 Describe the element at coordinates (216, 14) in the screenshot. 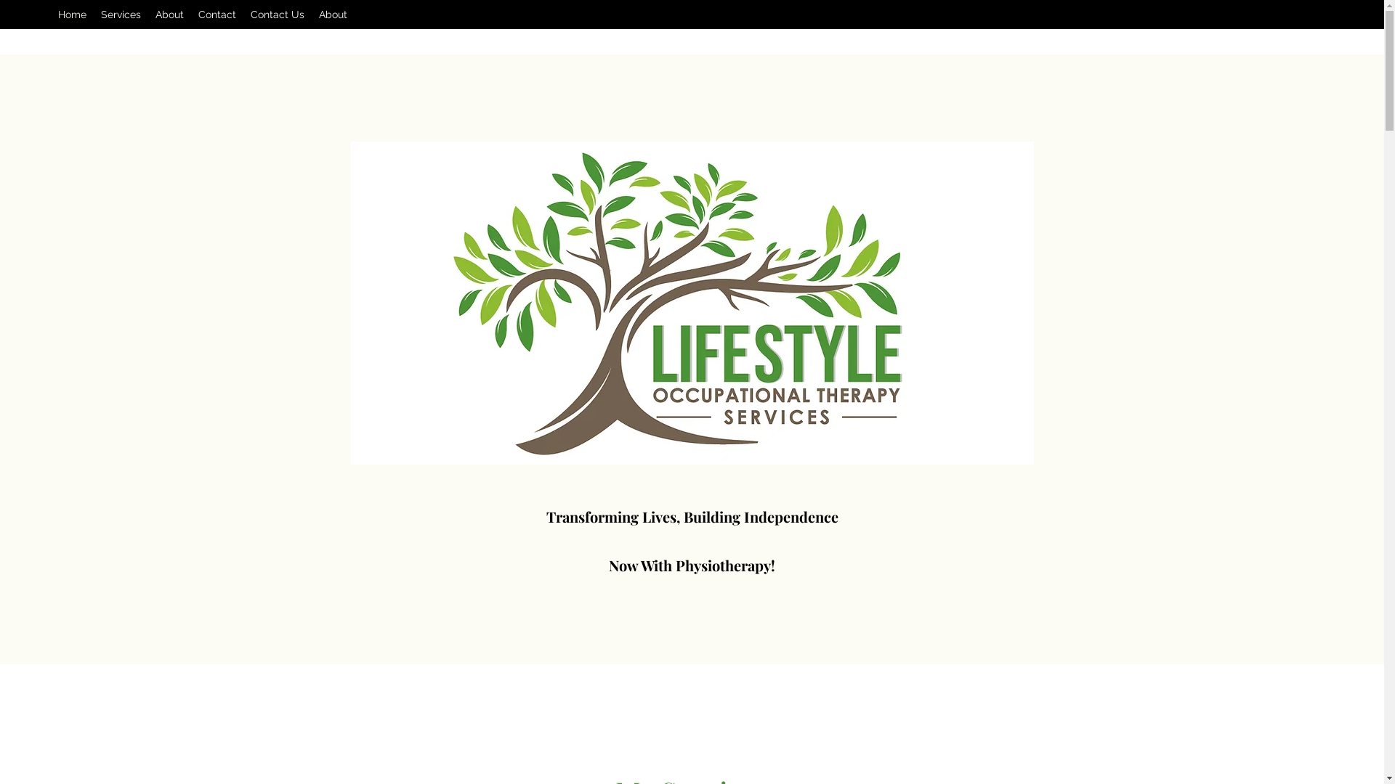

I see `'Contact'` at that location.